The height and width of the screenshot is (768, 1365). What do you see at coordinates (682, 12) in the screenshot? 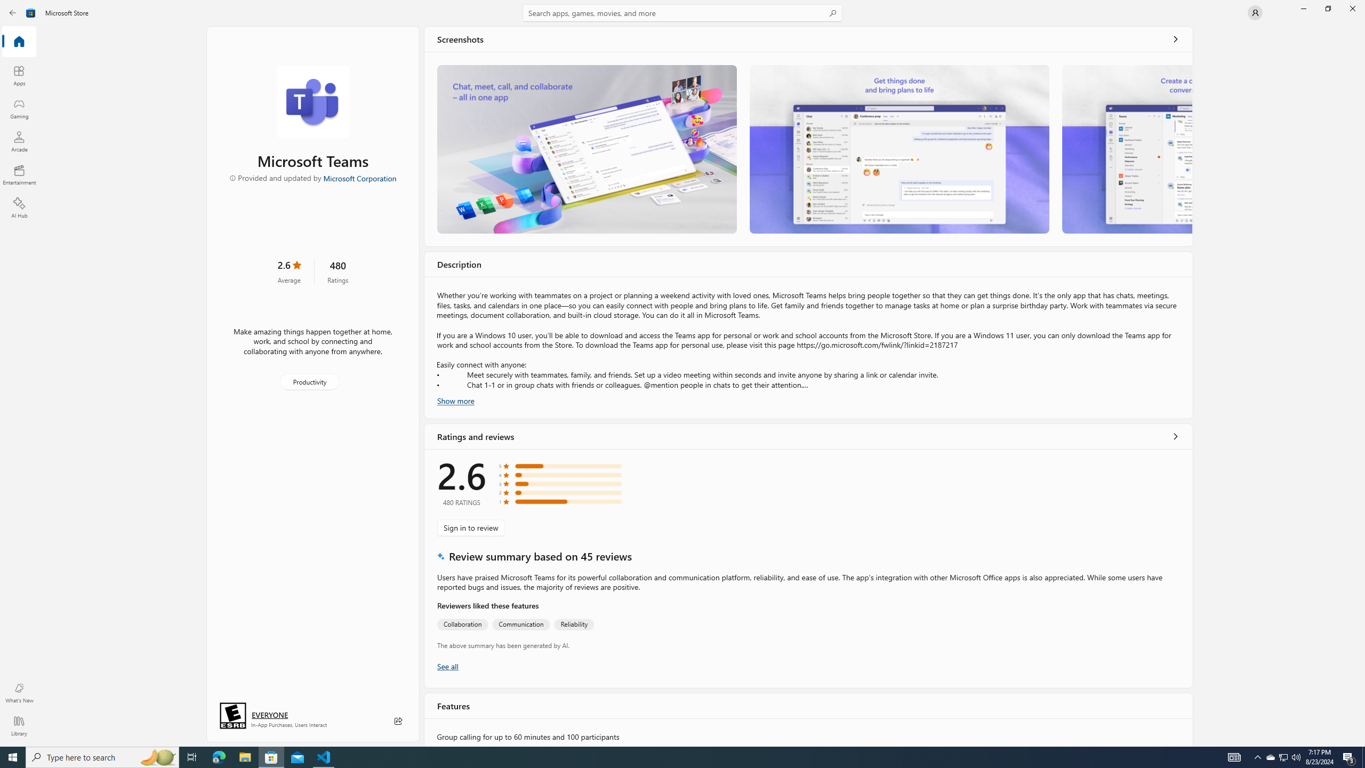
I see `'Search'` at bounding box center [682, 12].